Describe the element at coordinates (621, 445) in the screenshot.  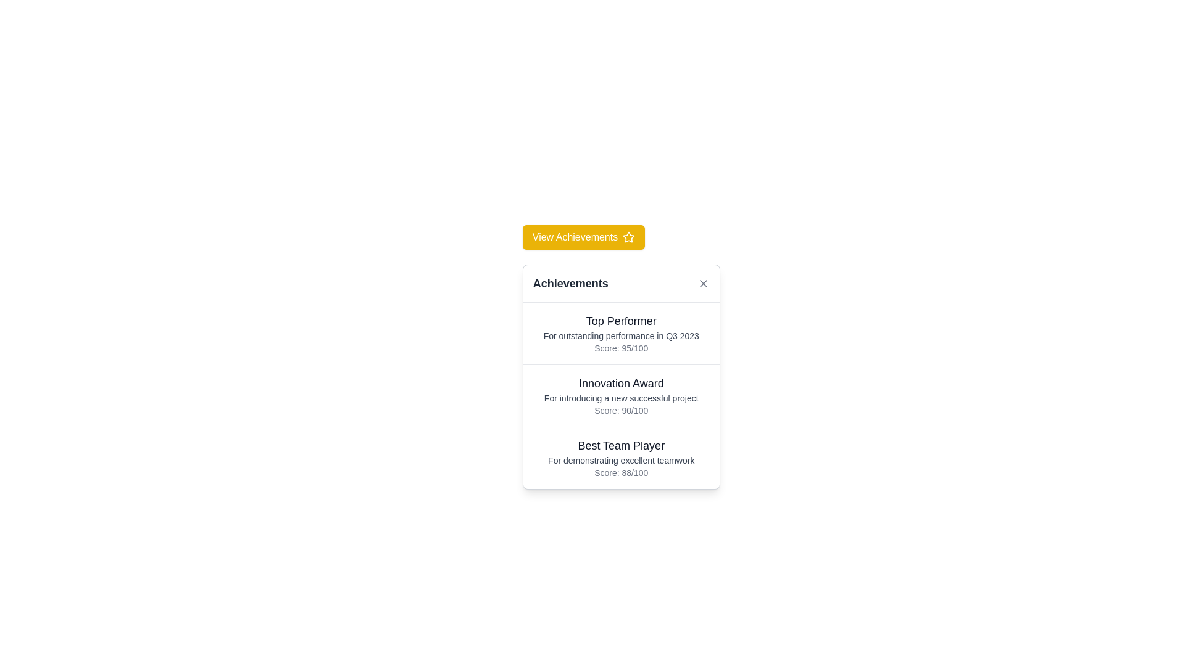
I see `the 'Best Team Player' text label, which is styled in a larger font size, bold weight, and black color, located within a card containing achievement entries` at that location.